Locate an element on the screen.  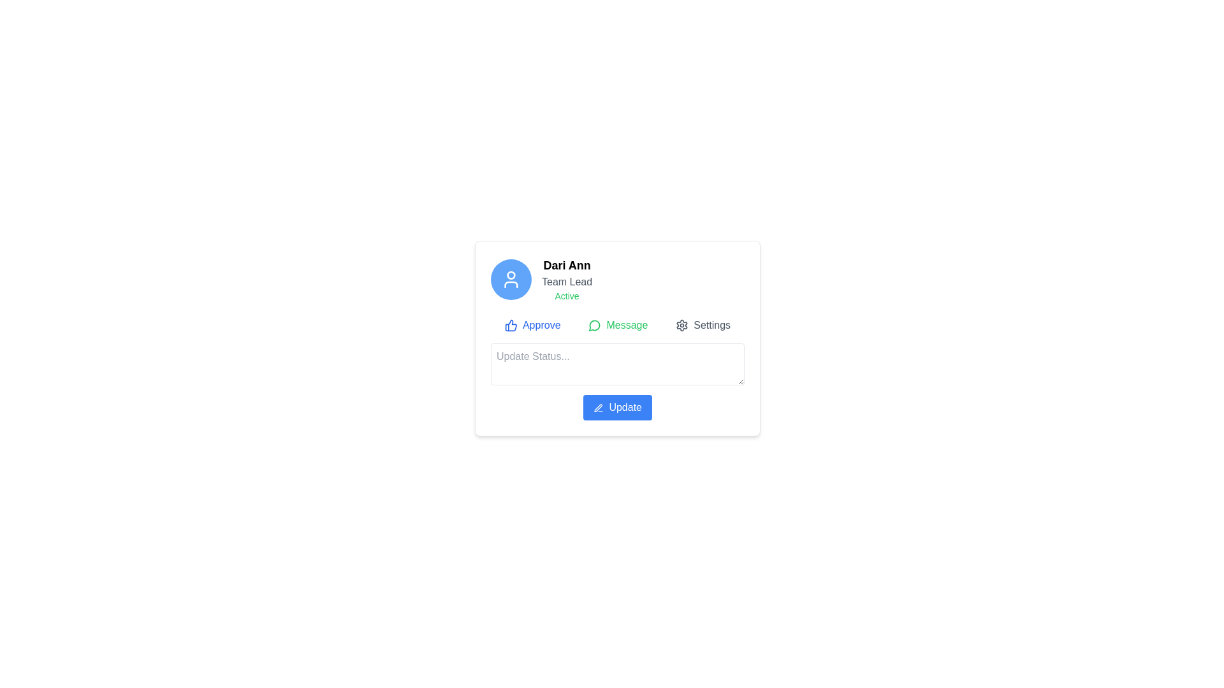
label that says 'Settings', which is a gray, sans-serif text positioned to the right of the gear icon in the top-right corner of the user information card is located at coordinates (711, 324).